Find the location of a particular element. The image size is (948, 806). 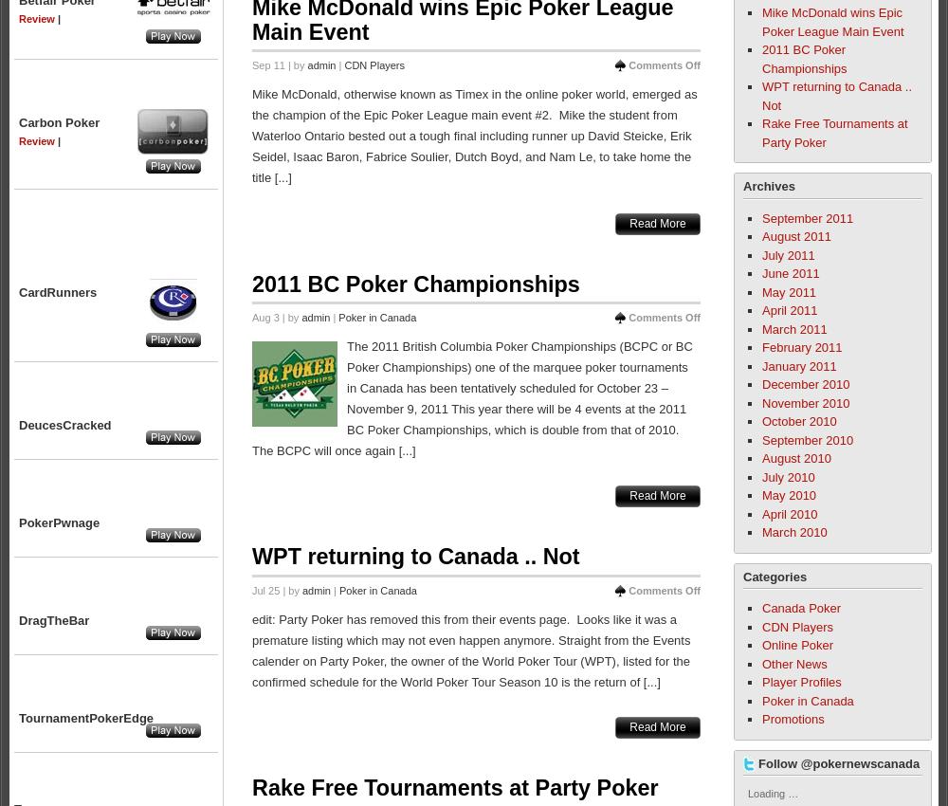

'February 2011' is located at coordinates (801, 346).